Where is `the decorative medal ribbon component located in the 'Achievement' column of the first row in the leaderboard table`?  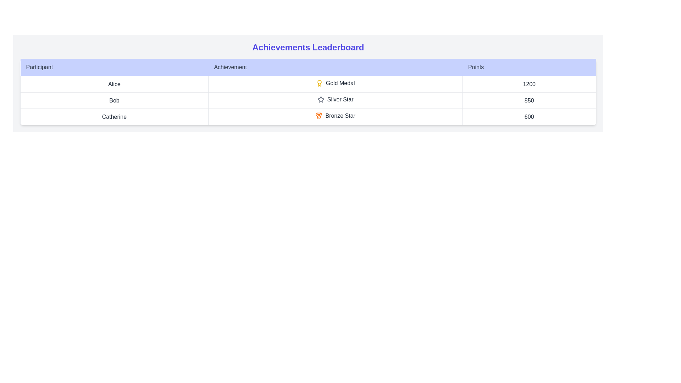
the decorative medal ribbon component located in the 'Achievement' column of the first row in the leaderboard table is located at coordinates (319, 115).